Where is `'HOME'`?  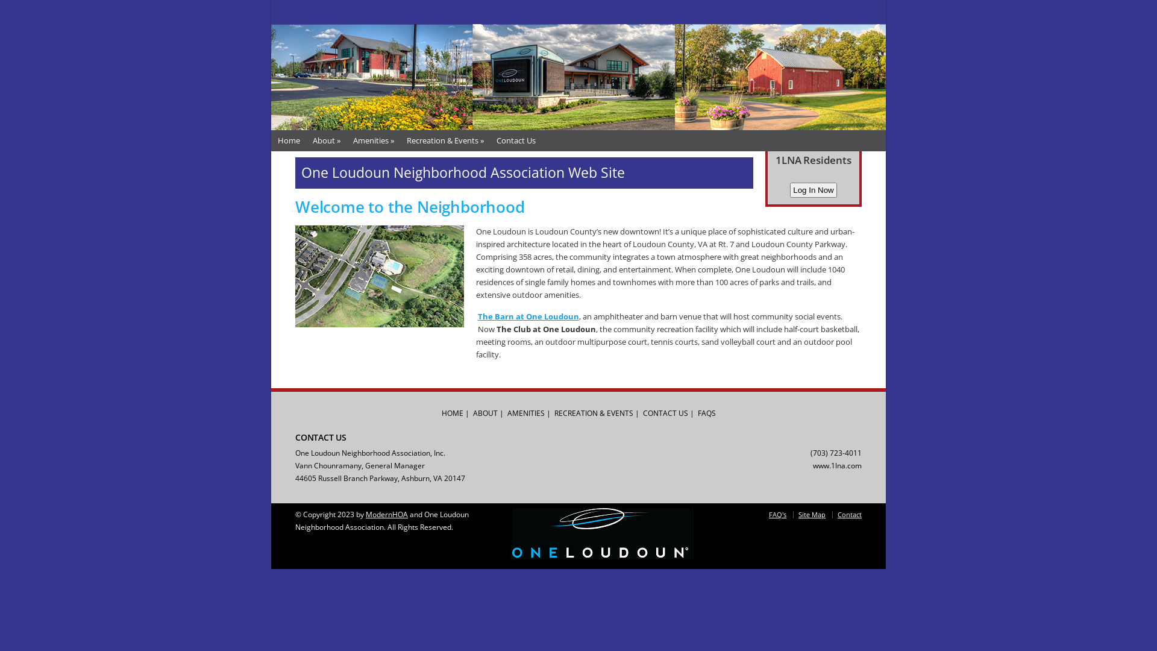
'HOME' is located at coordinates (451, 412).